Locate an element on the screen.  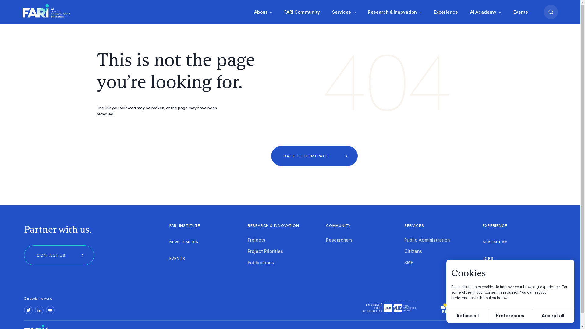
'About' is located at coordinates (263, 12).